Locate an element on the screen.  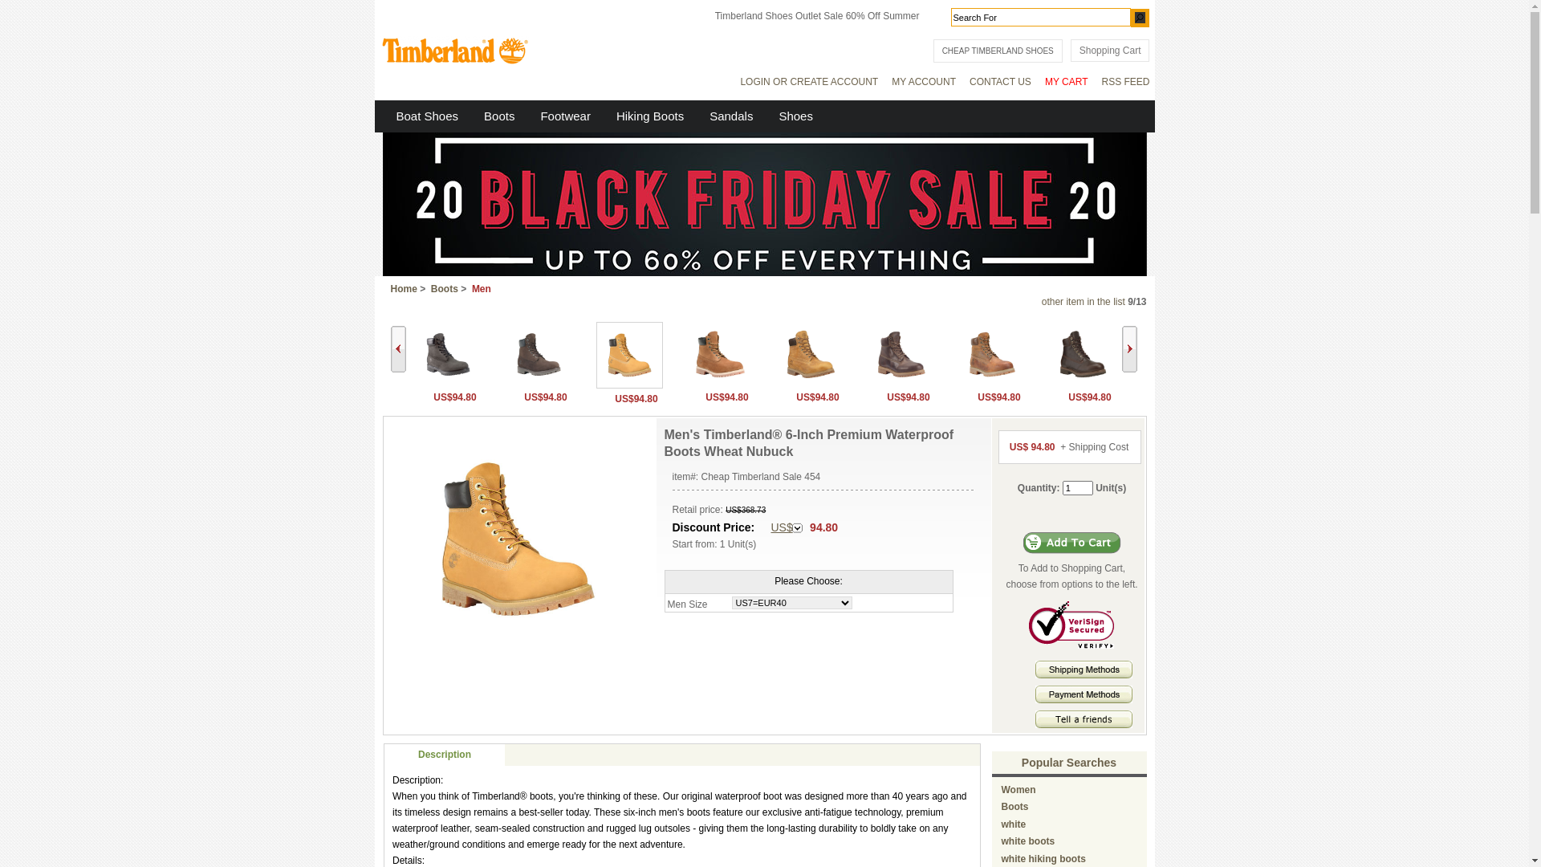
'RSS FEED' is located at coordinates (1124, 80).